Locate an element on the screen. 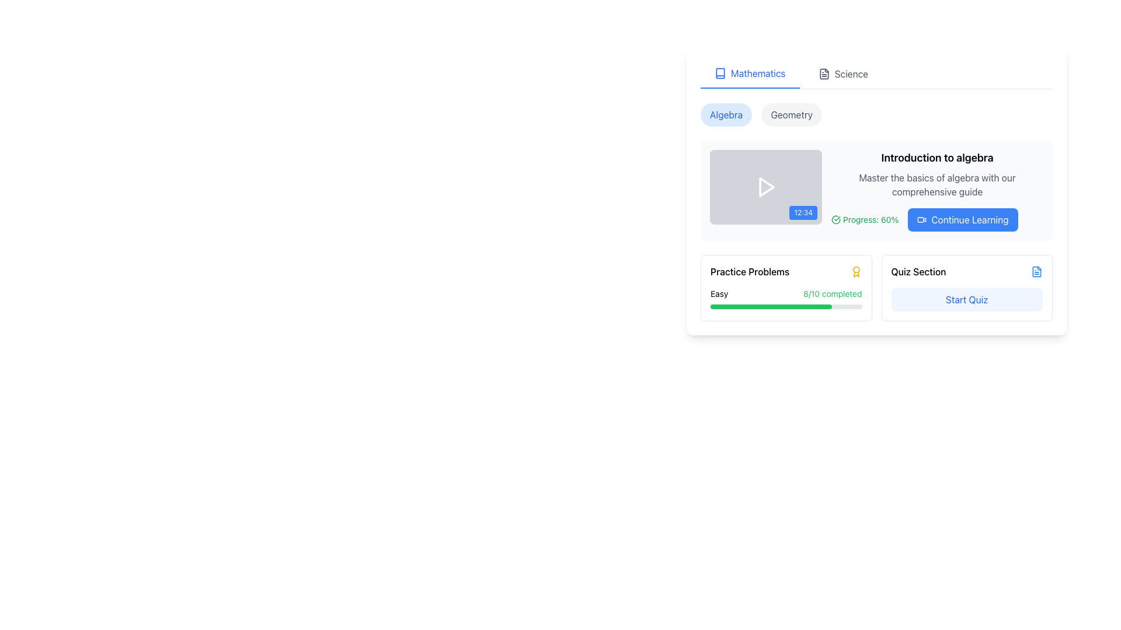 Image resolution: width=1121 pixels, height=630 pixels. the achievement icon located in the top-right corner of the 'Practice Problems' section, next to the text 'Practice Problems' is located at coordinates (856, 272).